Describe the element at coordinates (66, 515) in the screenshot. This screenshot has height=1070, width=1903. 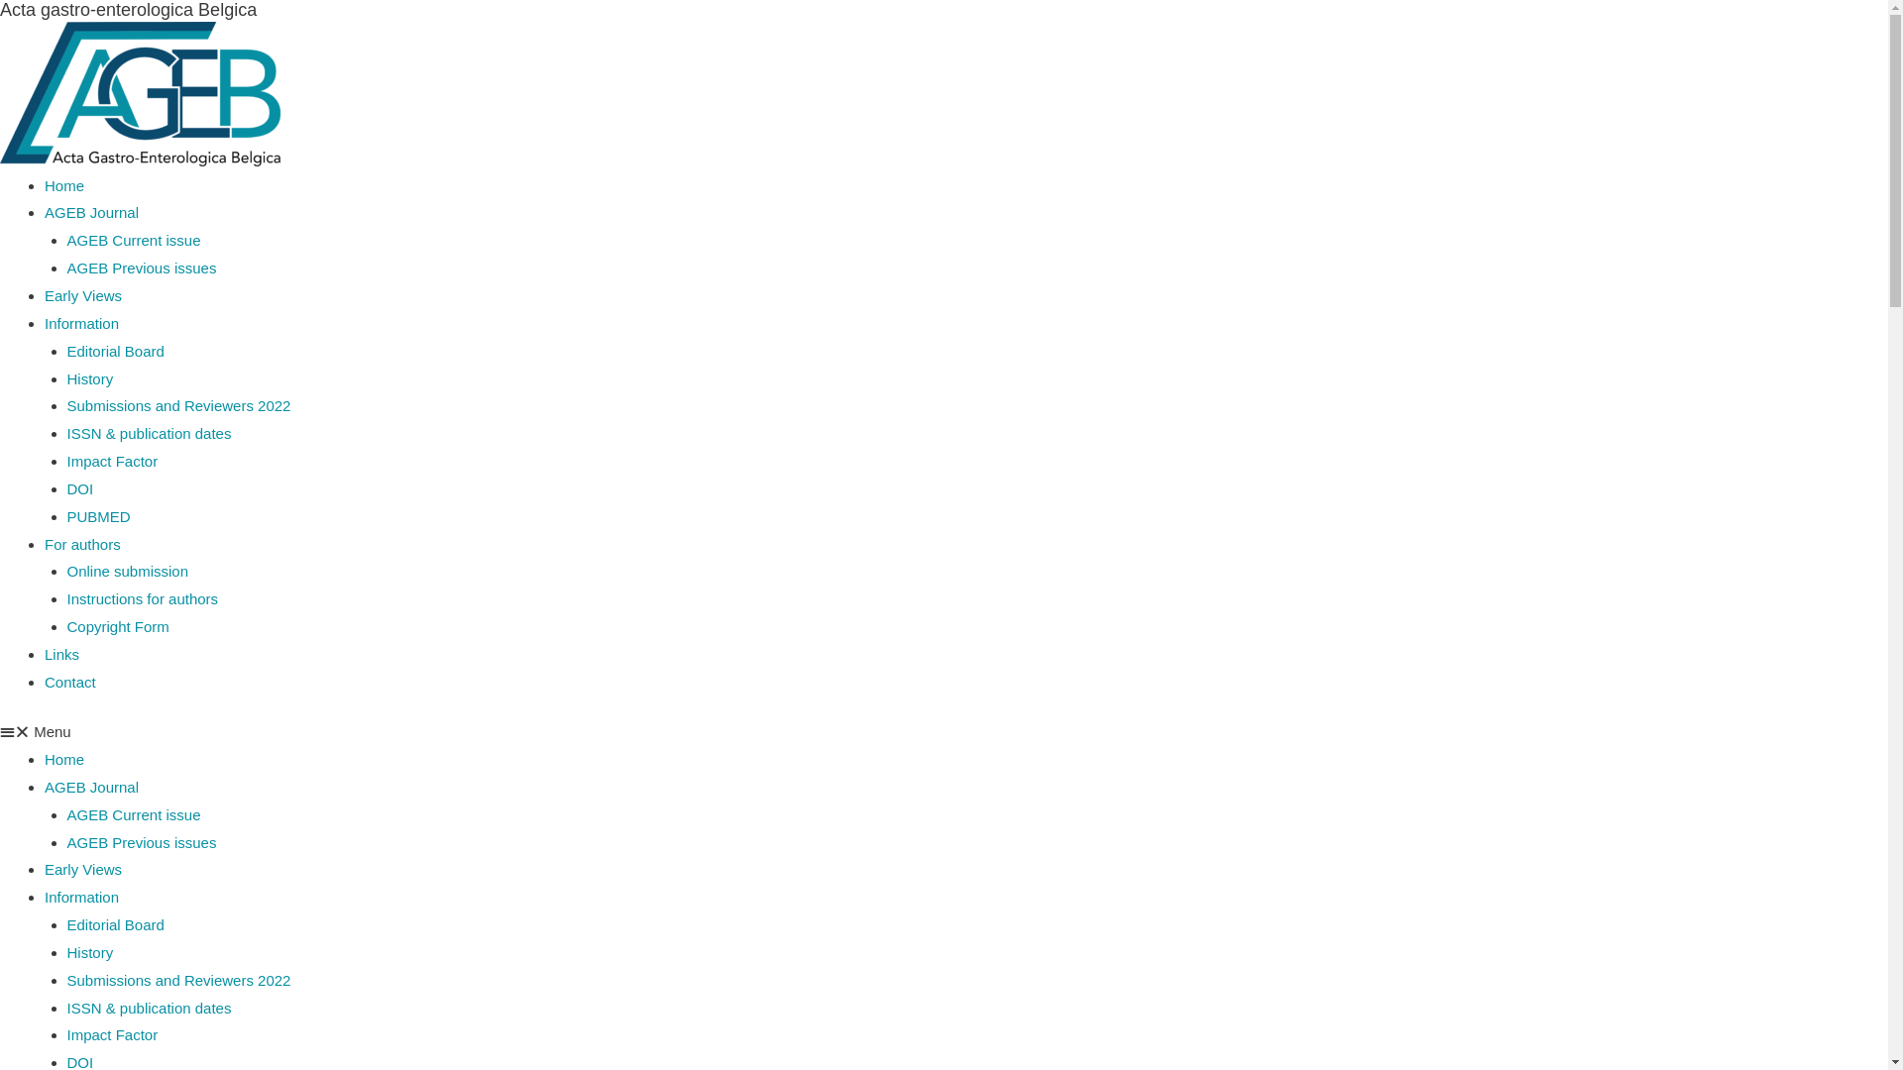
I see `'PUBMED'` at that location.